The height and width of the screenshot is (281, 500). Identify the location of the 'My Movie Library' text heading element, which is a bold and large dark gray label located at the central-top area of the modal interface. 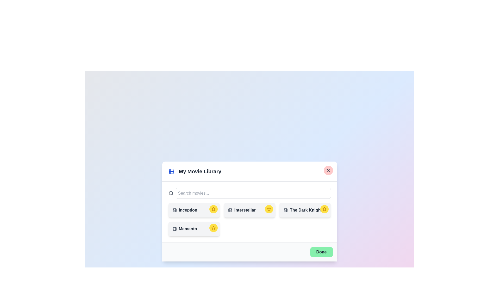
(200, 171).